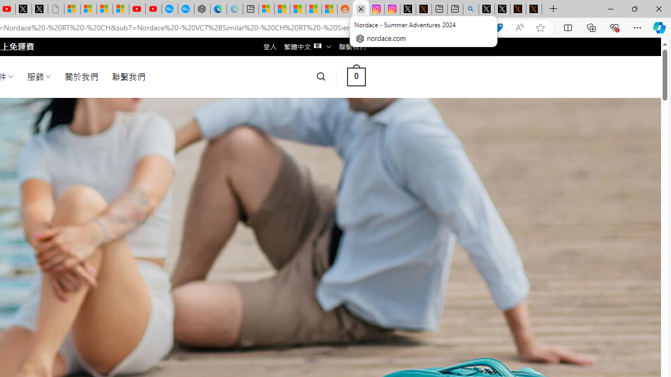 This screenshot has height=377, width=671. Describe the element at coordinates (534, 9) in the screenshot. I see `'X Privacy Policy'` at that location.